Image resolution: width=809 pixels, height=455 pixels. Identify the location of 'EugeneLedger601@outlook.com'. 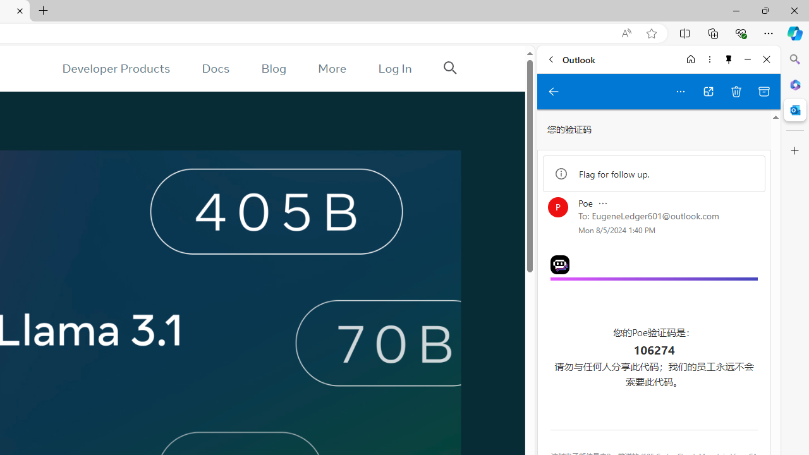
(655, 215).